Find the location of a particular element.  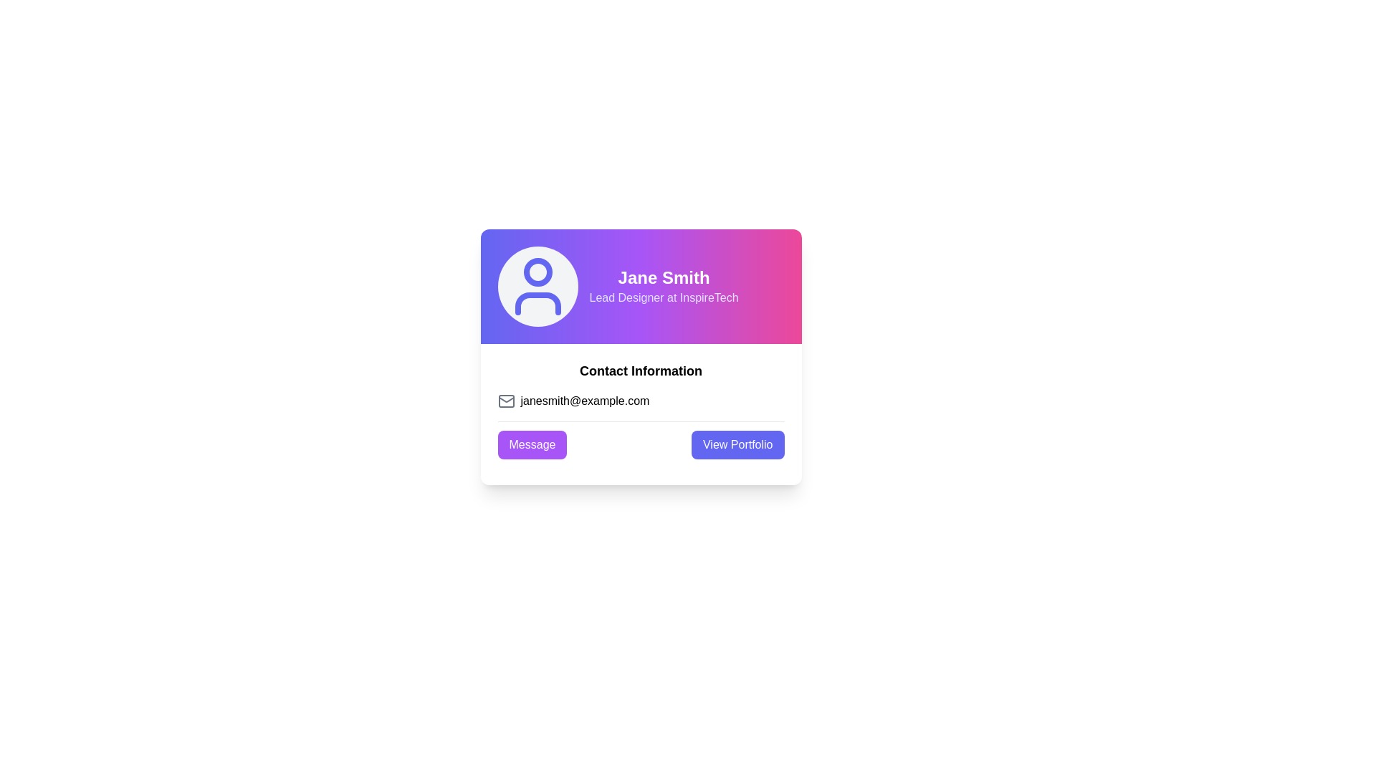

the text label containing the email address 'janesmith@example.com' to copy it is located at coordinates (640, 401).